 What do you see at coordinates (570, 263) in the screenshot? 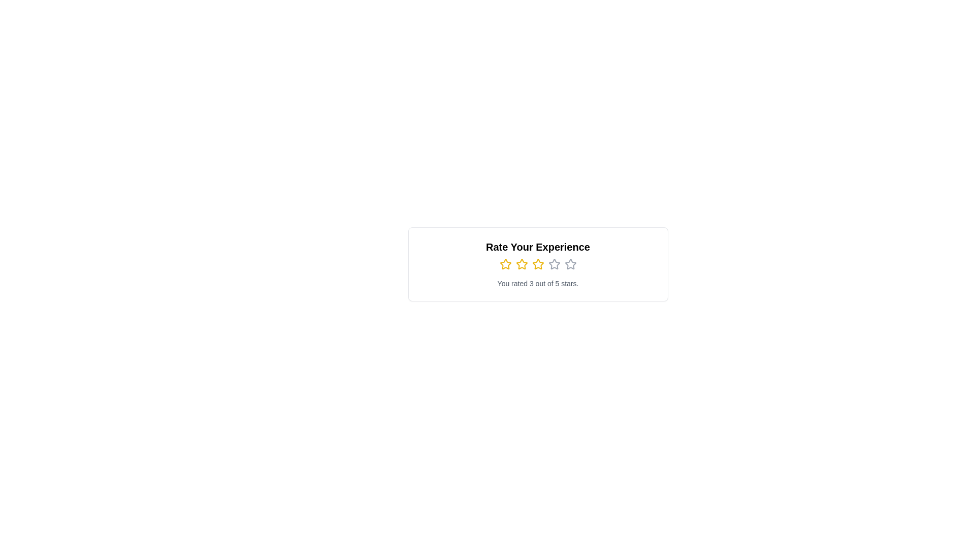
I see `the fourth star icon in the rating widget under 'Rate Your Experience' to rate it` at bounding box center [570, 263].